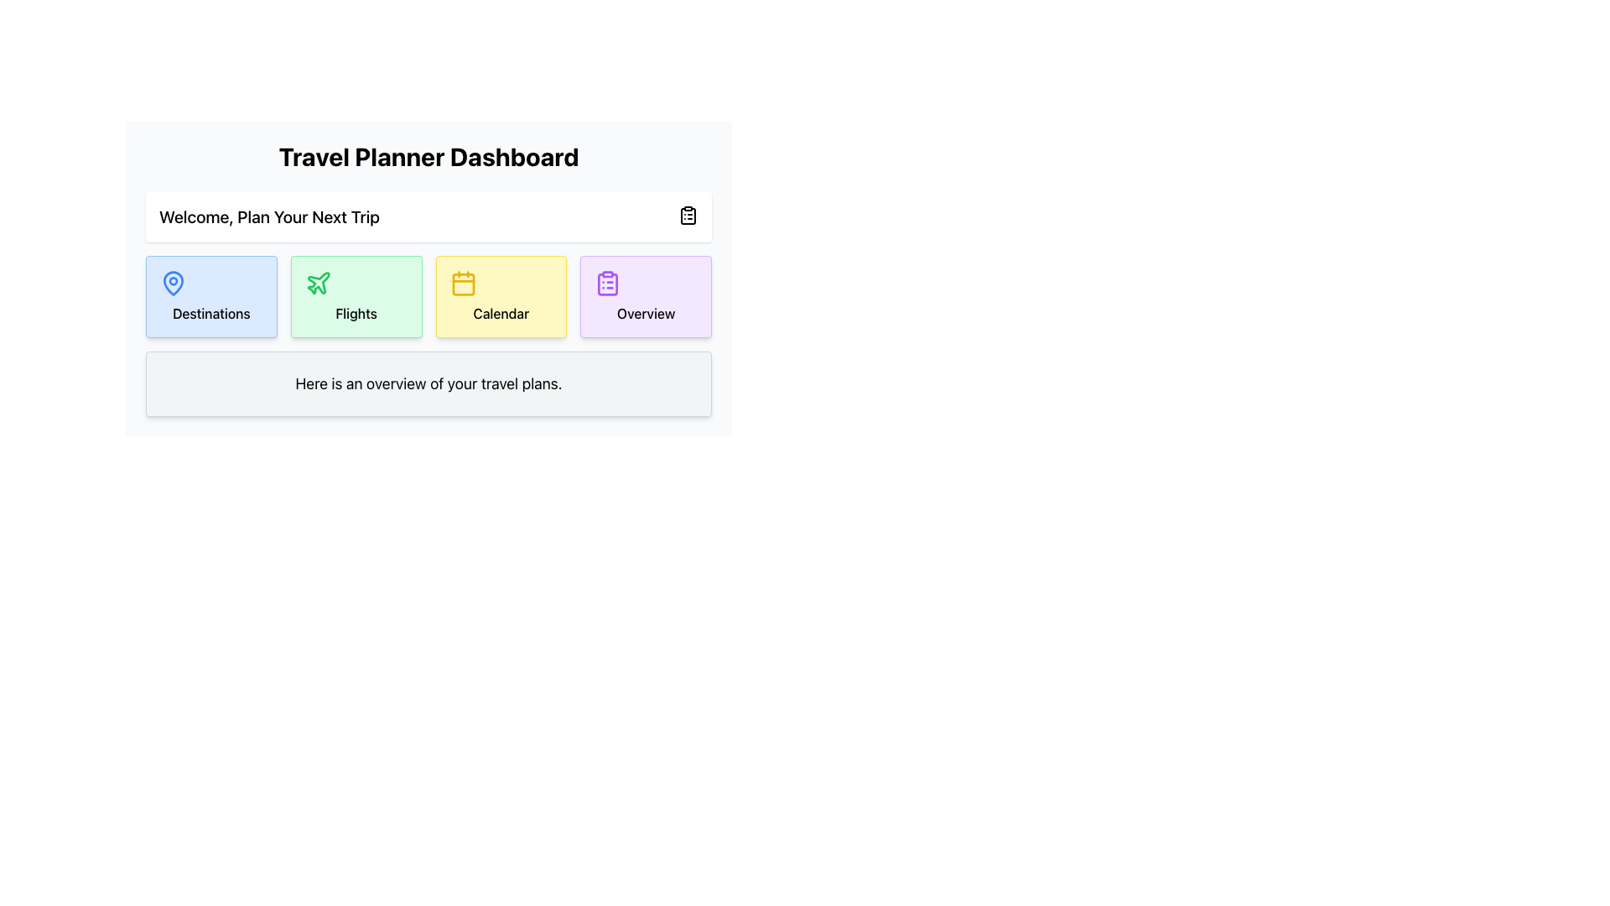 The width and height of the screenshot is (1610, 906). Describe the element at coordinates (463, 284) in the screenshot. I see `the yellow calendar button's SVG rectangle with rounded corners, which is centrally positioned within the button and slightly below the top strokes` at that location.